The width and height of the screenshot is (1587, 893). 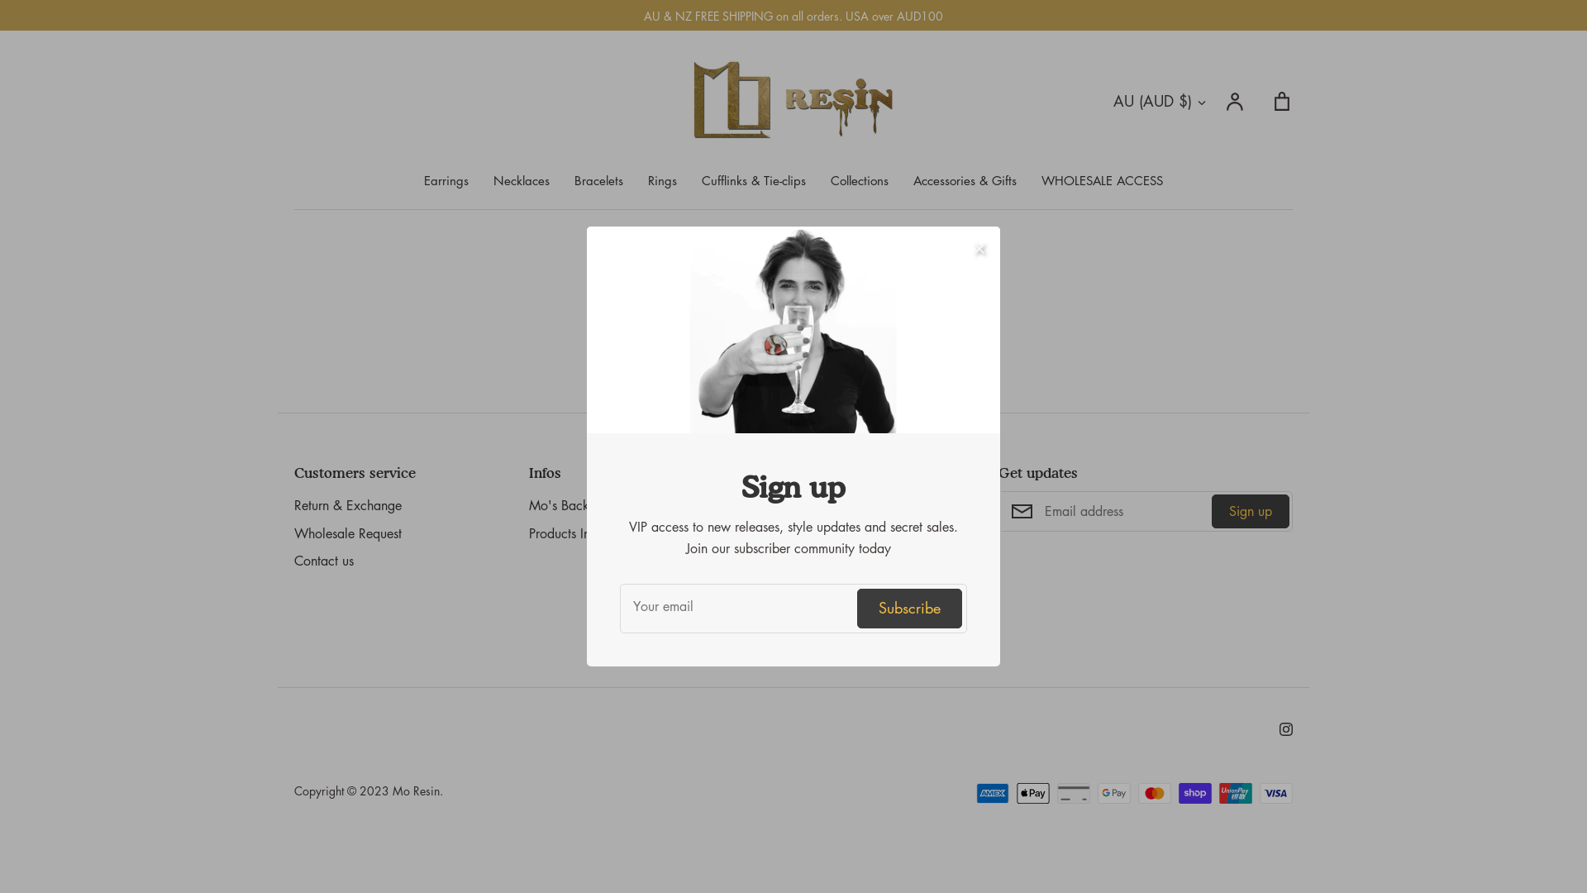 What do you see at coordinates (1225, 101) in the screenshot?
I see `'Account'` at bounding box center [1225, 101].